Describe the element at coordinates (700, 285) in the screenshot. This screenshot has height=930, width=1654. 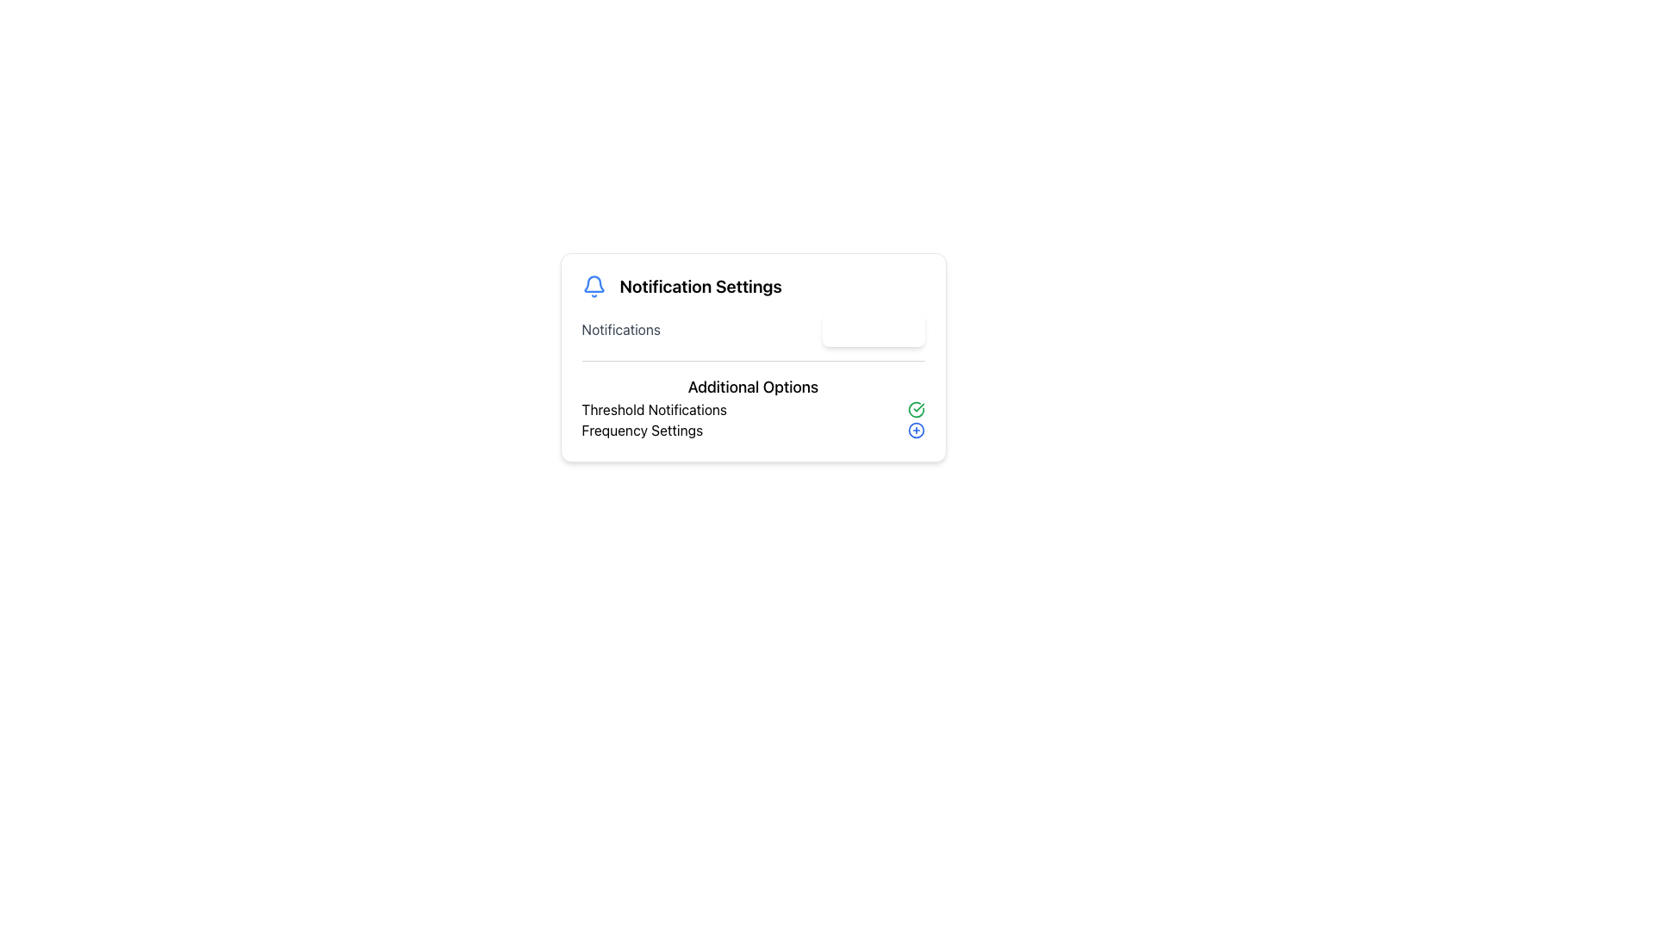
I see `textual header labeled 'Notification Settings', which is prominently displayed in a bold and large font in the top portion of a card UI layout` at that location.